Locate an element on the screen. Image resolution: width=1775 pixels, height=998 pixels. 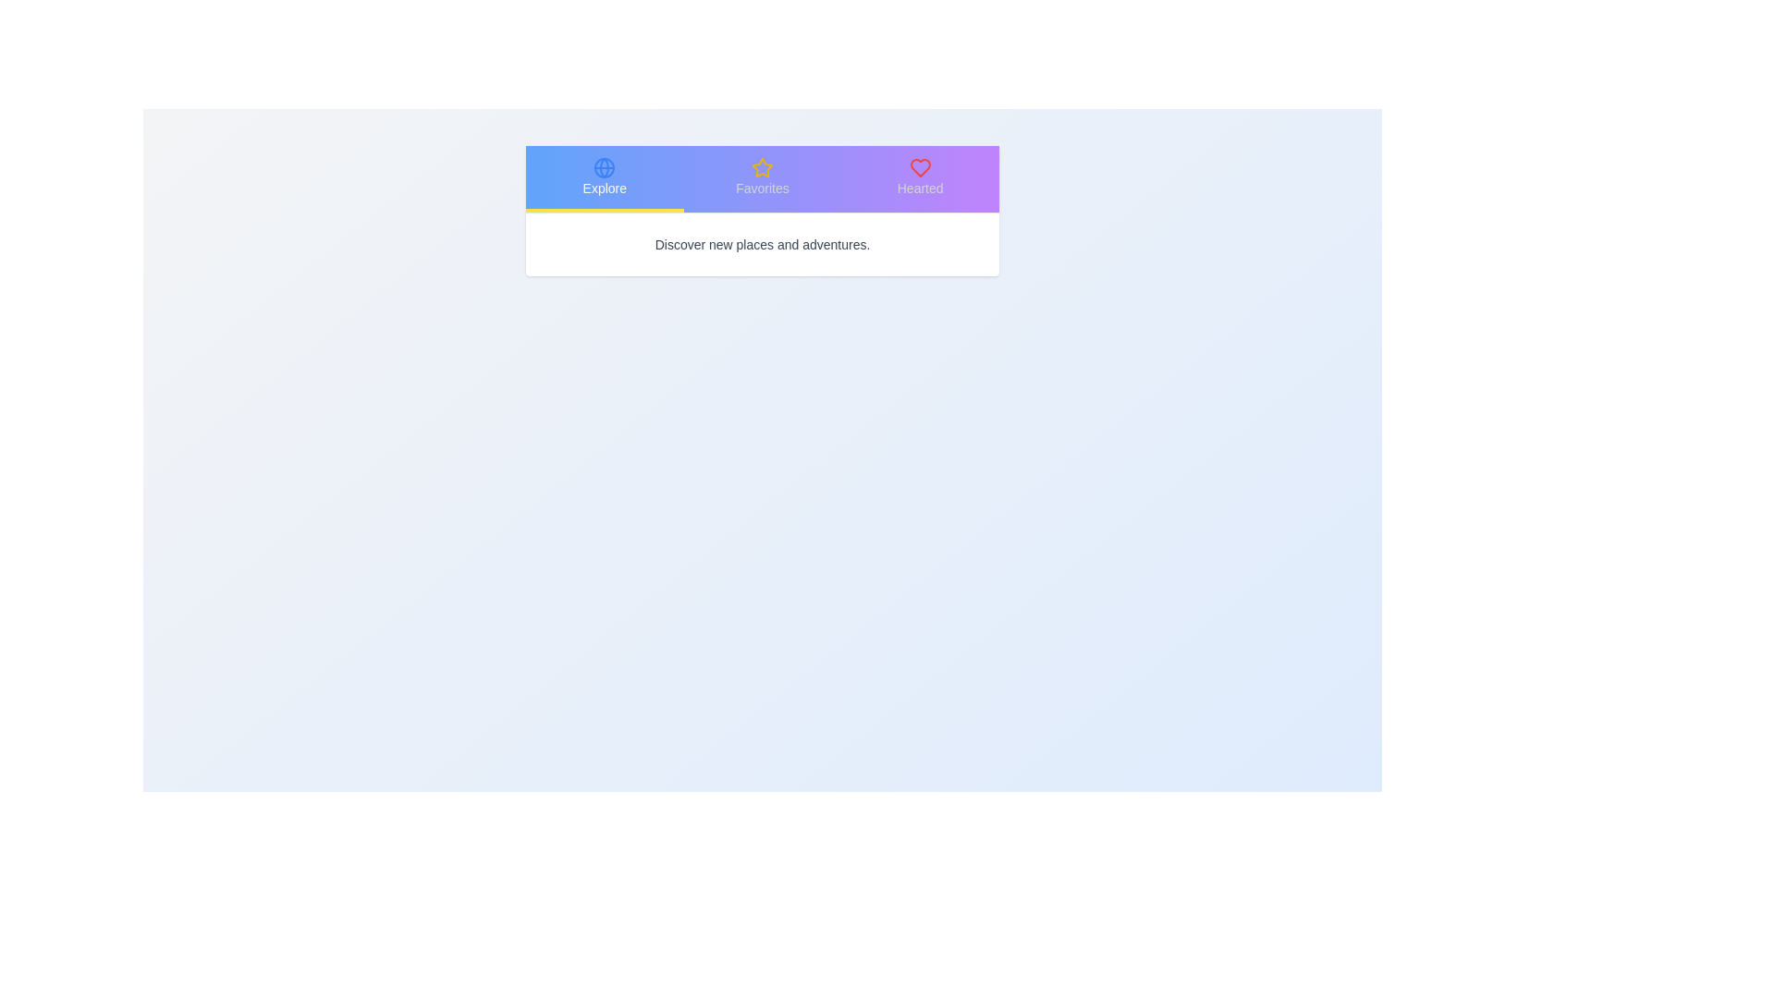
the tab labeled Explore to observe its associated icon is located at coordinates (605, 178).